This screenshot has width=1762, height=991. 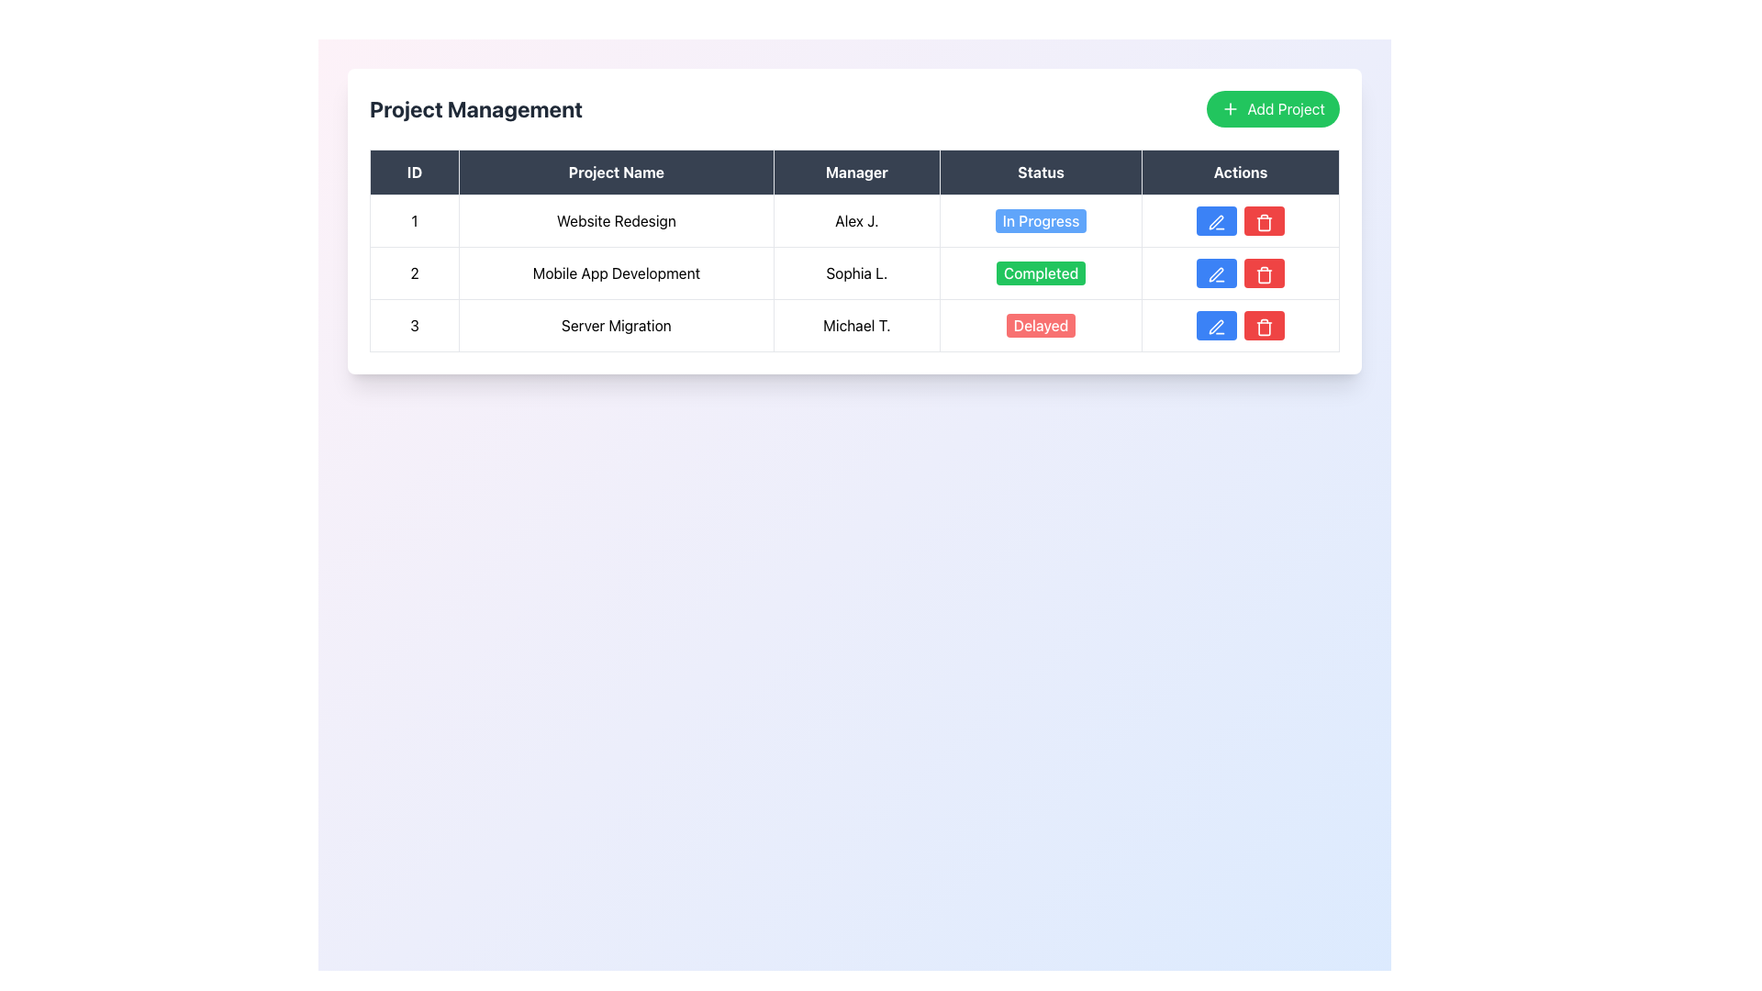 I want to click on the text label containing the number '3' in the first column of the third row of the table related to 'Server Migration' with the status 'Delayed', so click(x=413, y=324).